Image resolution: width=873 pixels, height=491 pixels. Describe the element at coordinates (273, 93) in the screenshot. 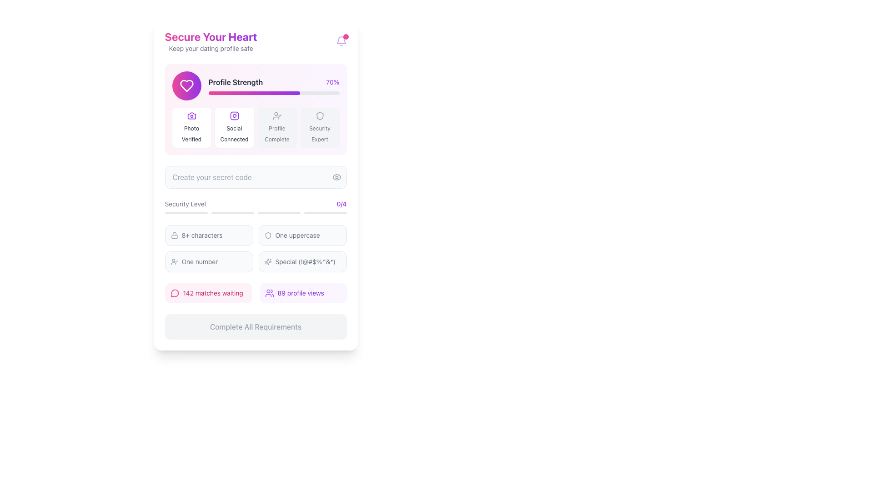

I see `the horizontal progress bar indicating 70% completion located in the 'Profile Strength' section below the text 'Profile Strength'` at that location.